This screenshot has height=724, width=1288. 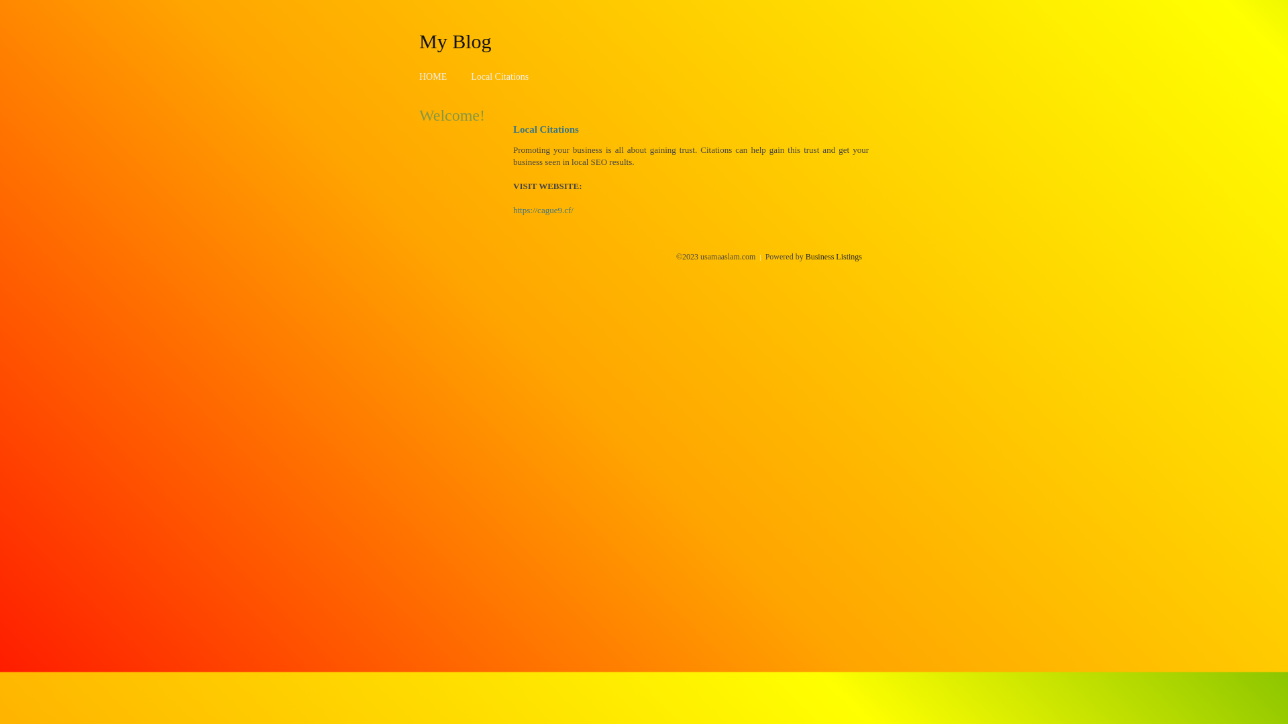 I want to click on 'HOME', so click(x=433, y=76).